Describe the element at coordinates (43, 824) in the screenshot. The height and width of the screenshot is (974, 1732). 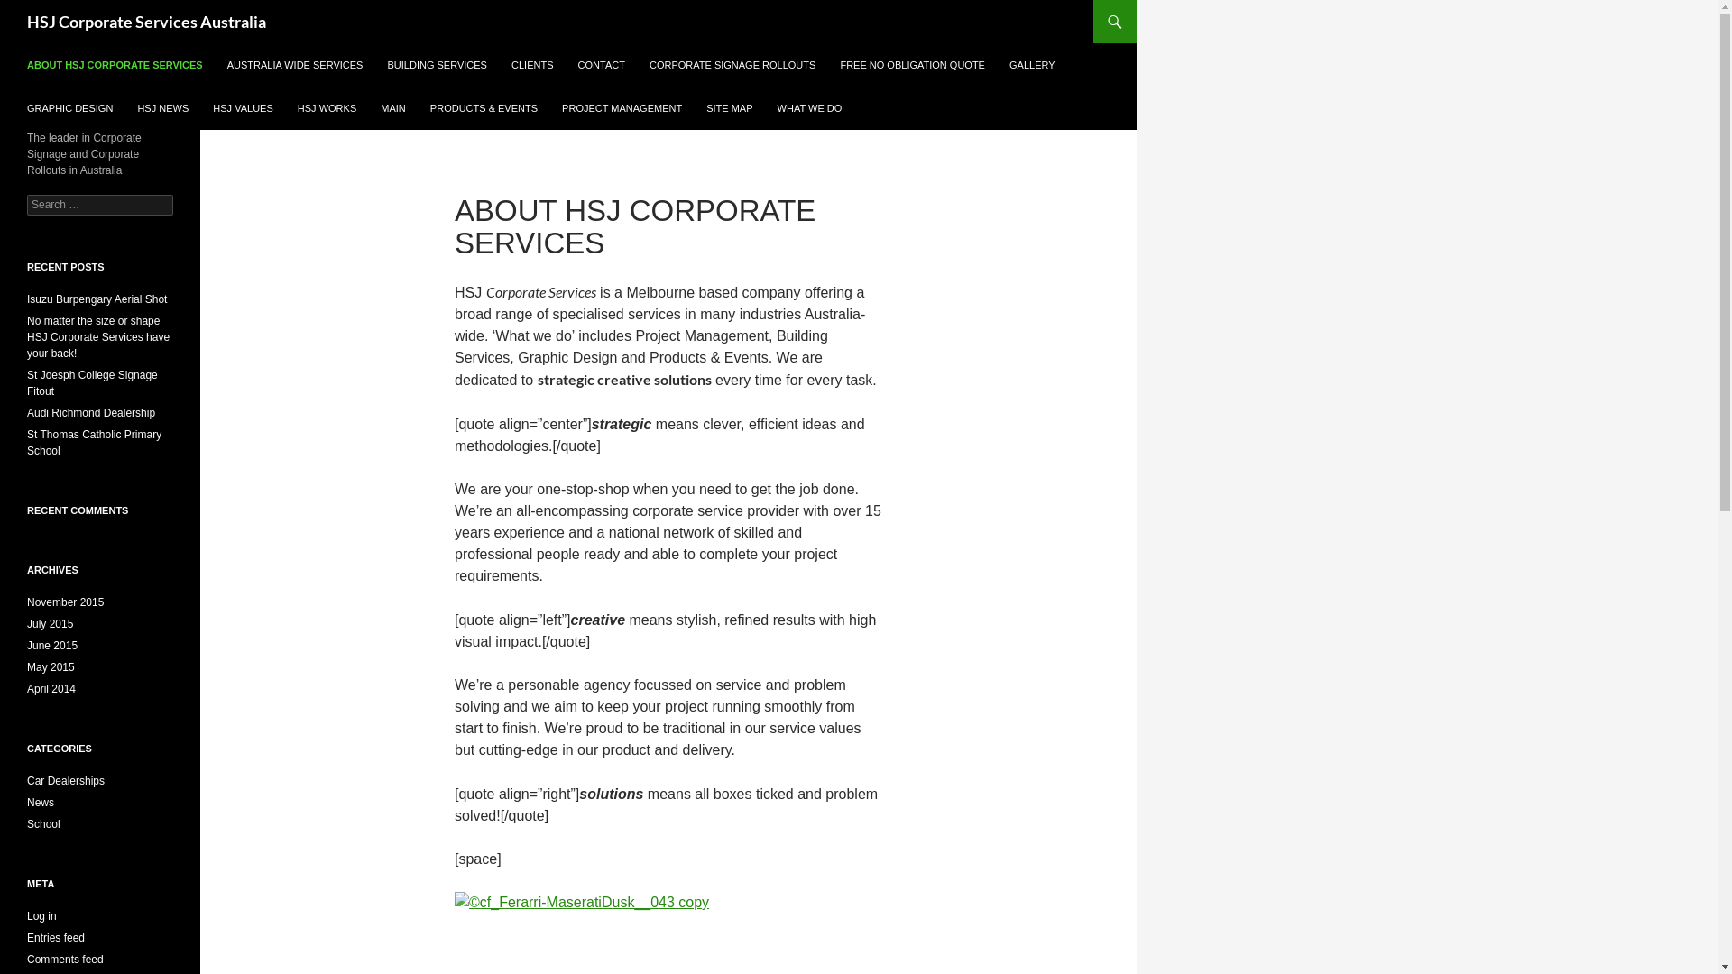
I see `'School'` at that location.